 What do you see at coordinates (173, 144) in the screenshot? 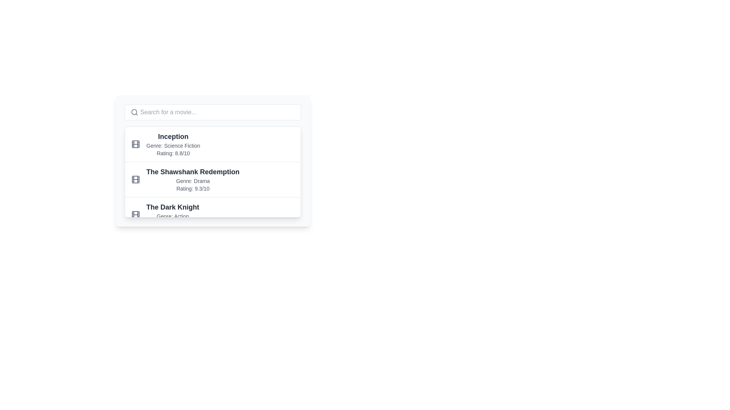
I see `the Informational Text Block that provides details about the movie, including its title, genre, and rating, for additional information` at bounding box center [173, 144].